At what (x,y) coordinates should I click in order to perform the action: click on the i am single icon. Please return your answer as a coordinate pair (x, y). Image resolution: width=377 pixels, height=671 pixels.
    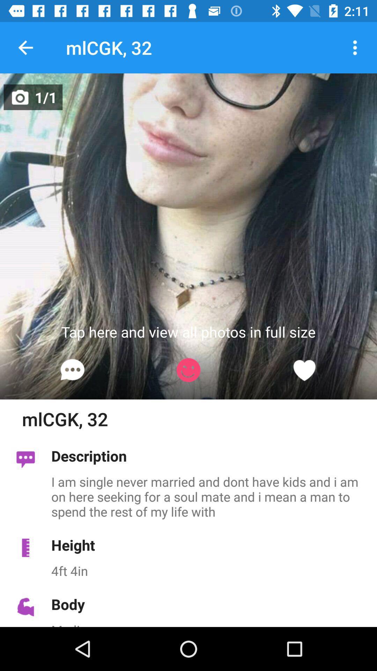
    Looking at the image, I should click on (210, 496).